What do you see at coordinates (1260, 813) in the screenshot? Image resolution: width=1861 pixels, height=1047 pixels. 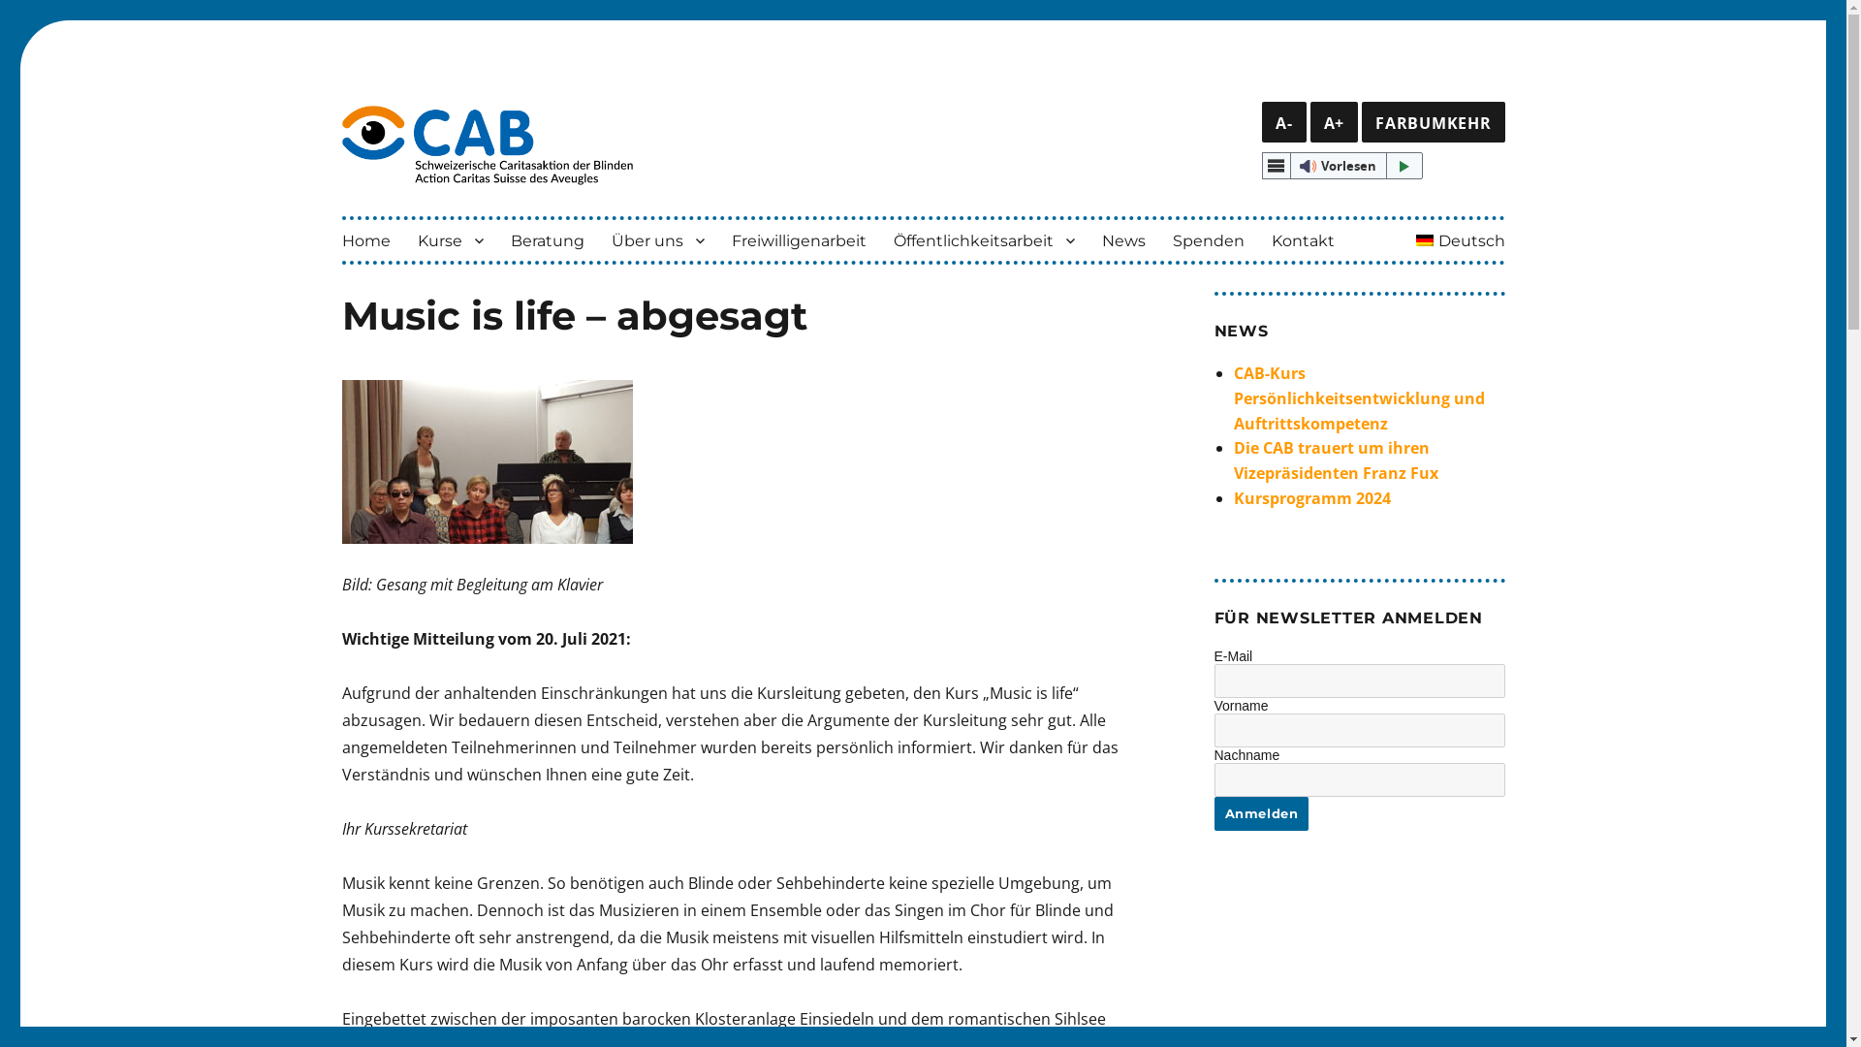 I see `'Anmelden'` at bounding box center [1260, 813].